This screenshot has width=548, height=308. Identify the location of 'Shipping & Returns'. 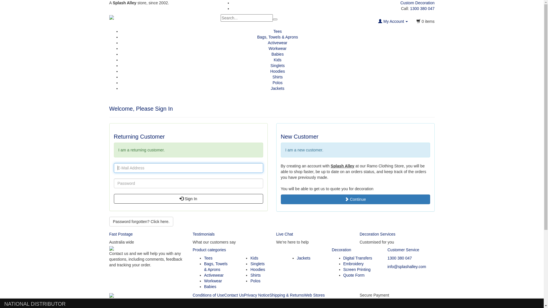
(287, 295).